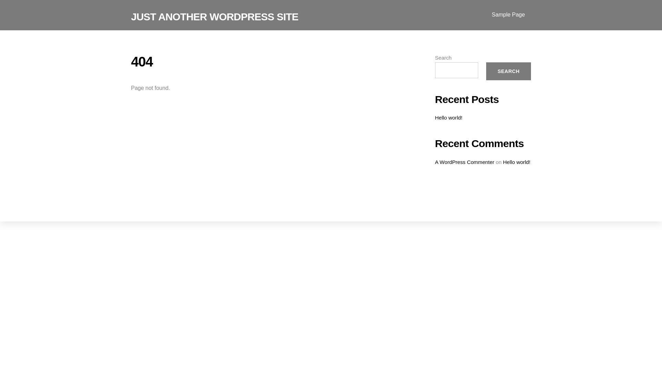 This screenshot has width=662, height=372. Describe the element at coordinates (503, 162) in the screenshot. I see `'Hello world!'` at that location.